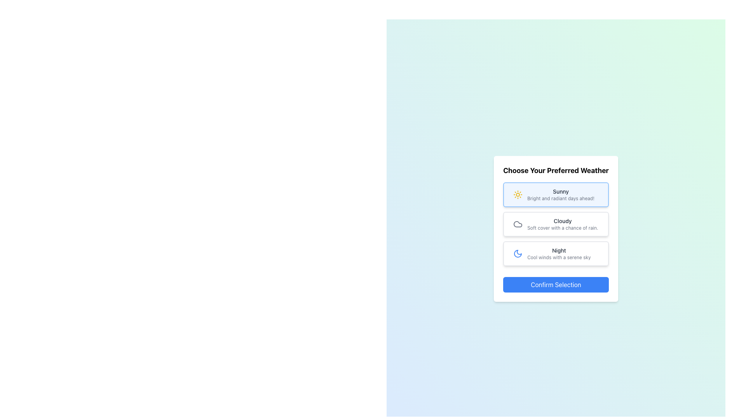 This screenshot has width=746, height=419. I want to click on the 'Cloudy' weather icon, which is represented graphically within a card layout, located to the left of the text 'Soft cover with a chance of rain.', so click(518, 224).